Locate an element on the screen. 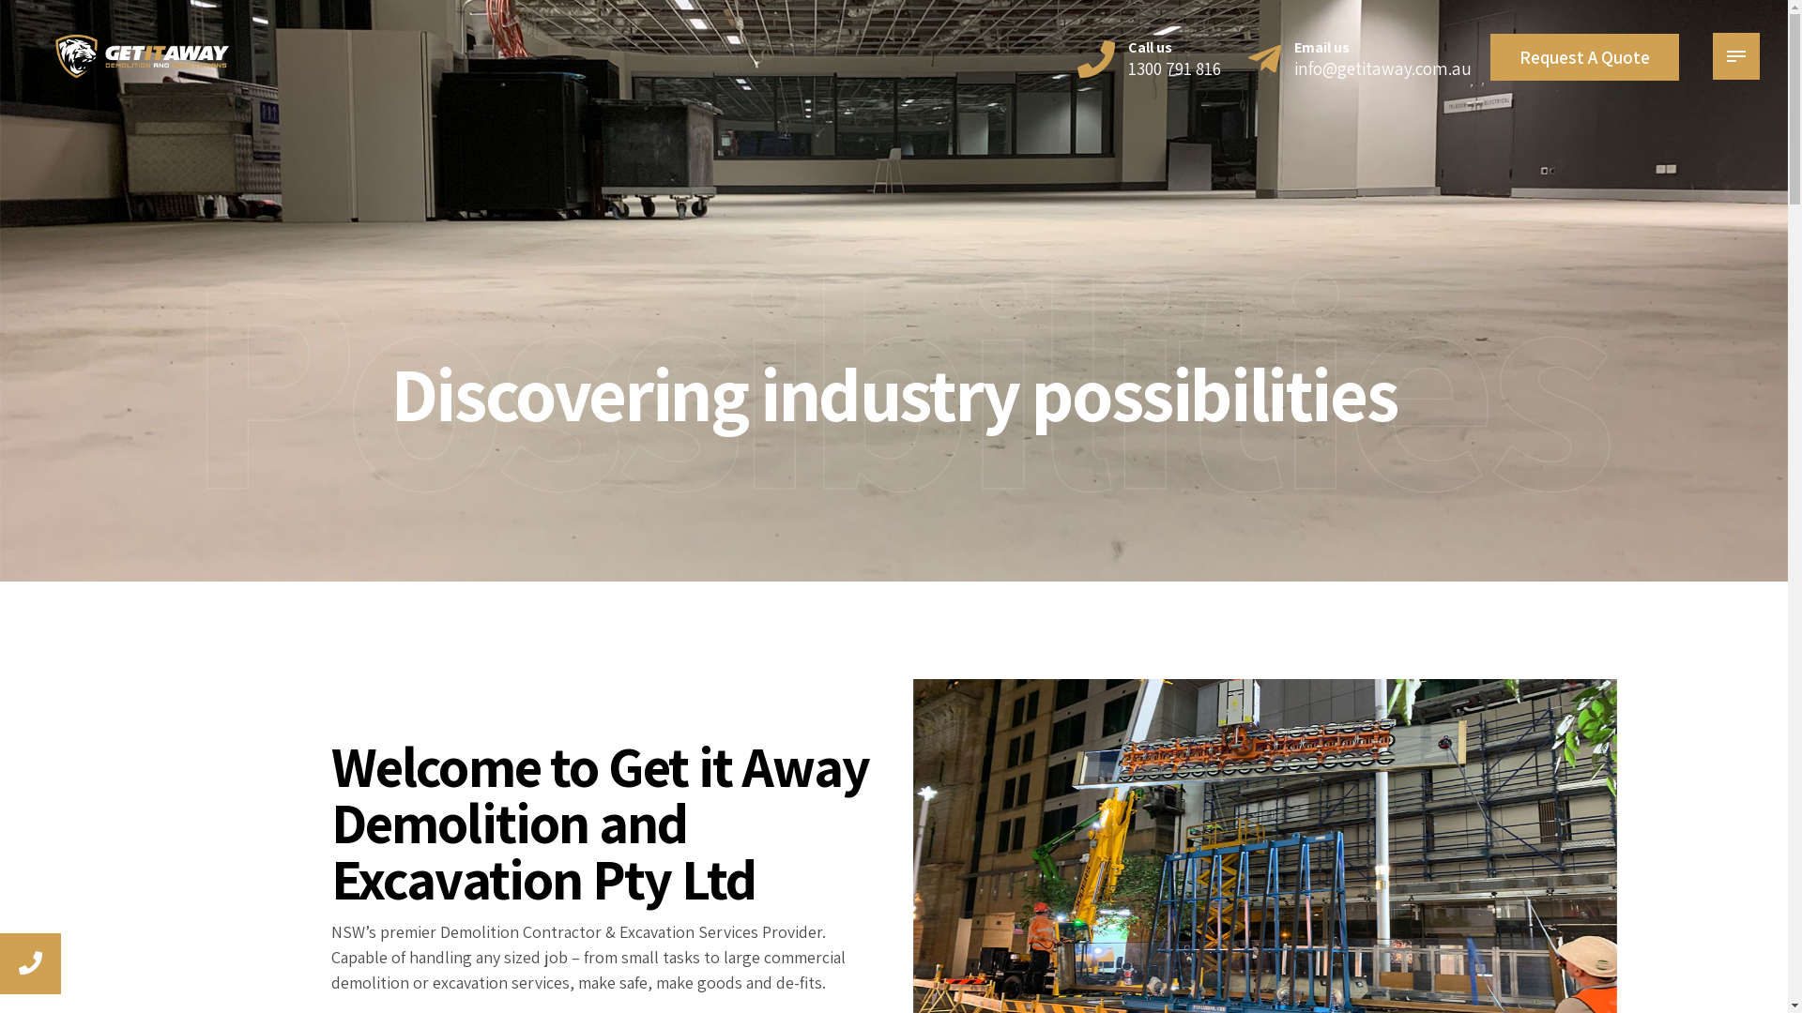  'Email us is located at coordinates (1247, 56).